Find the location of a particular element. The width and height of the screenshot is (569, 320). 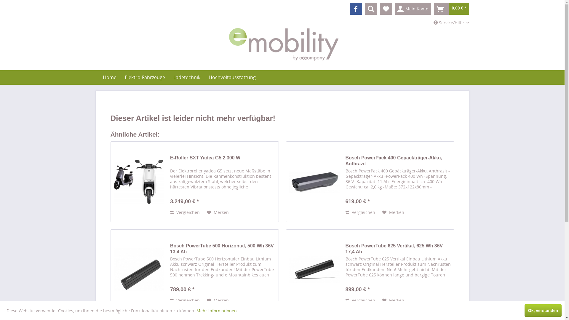

'Merkzettel' is located at coordinates (386, 9).